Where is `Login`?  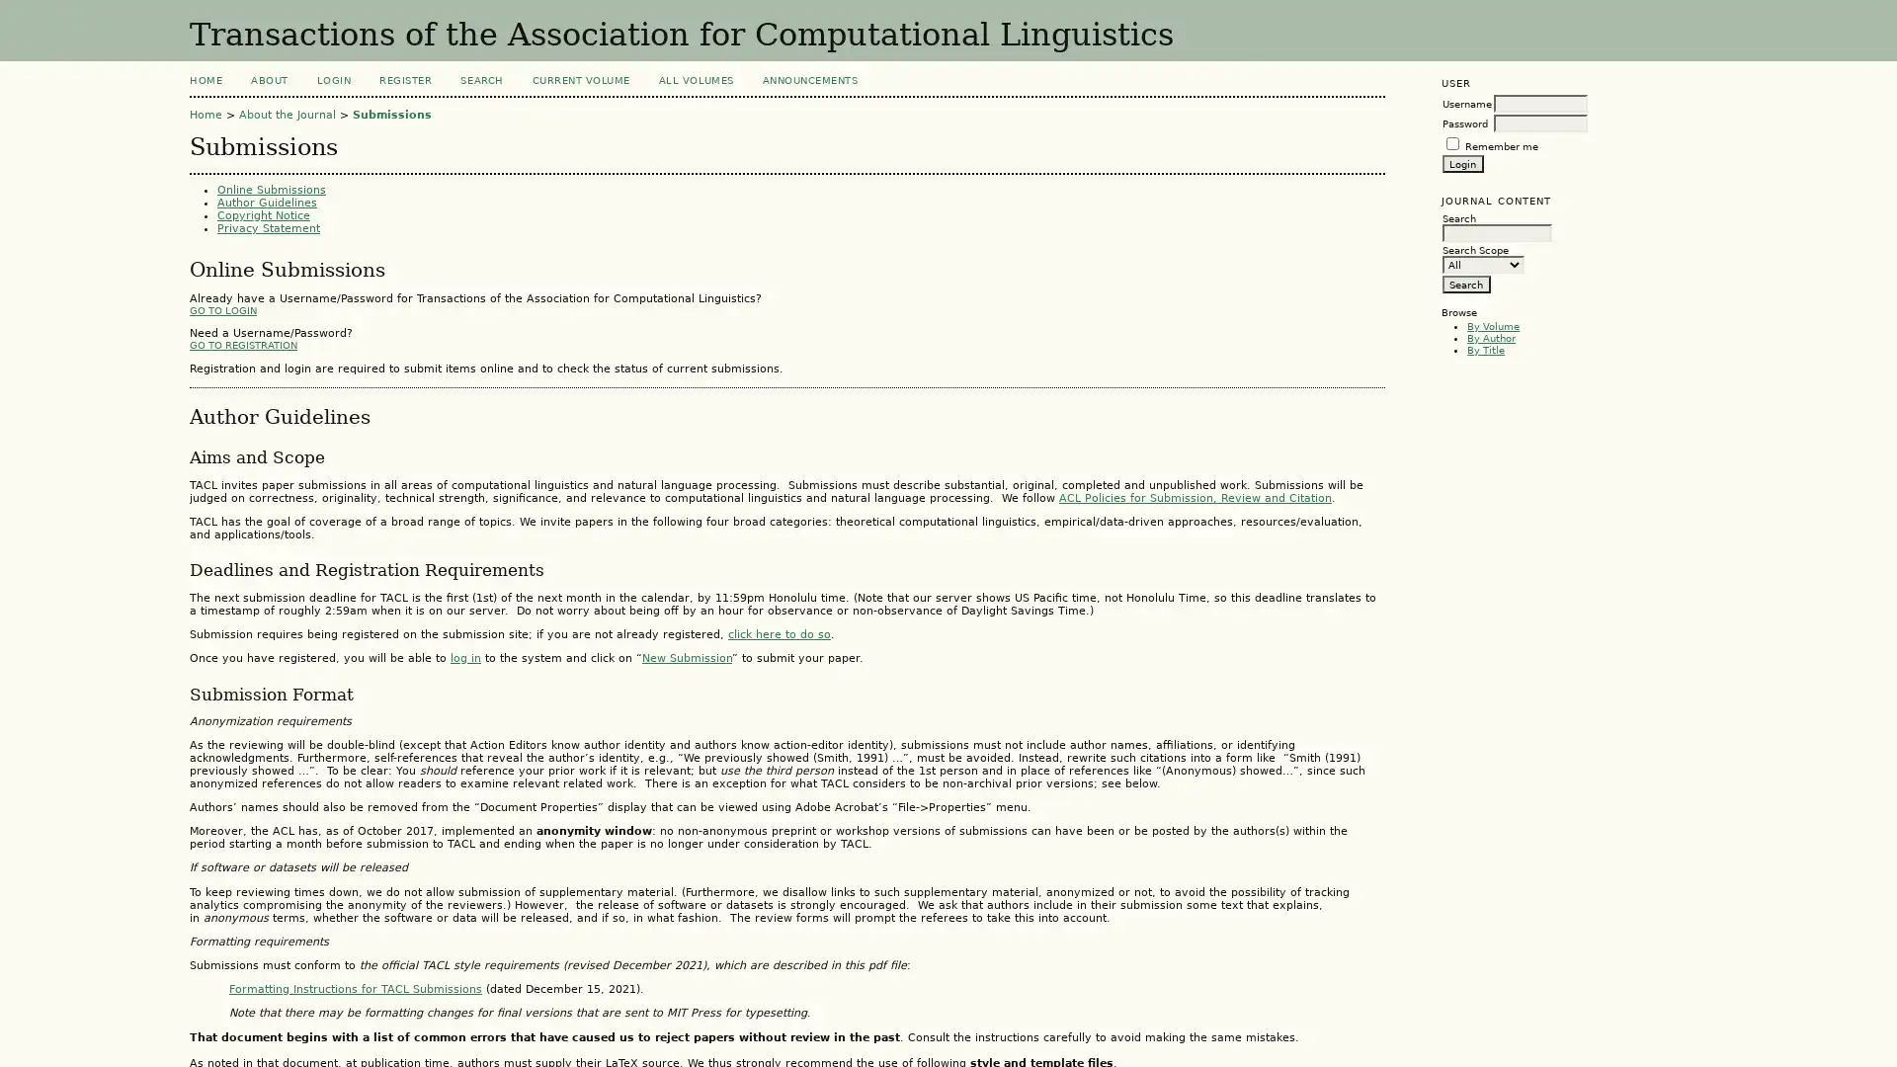 Login is located at coordinates (1462, 162).